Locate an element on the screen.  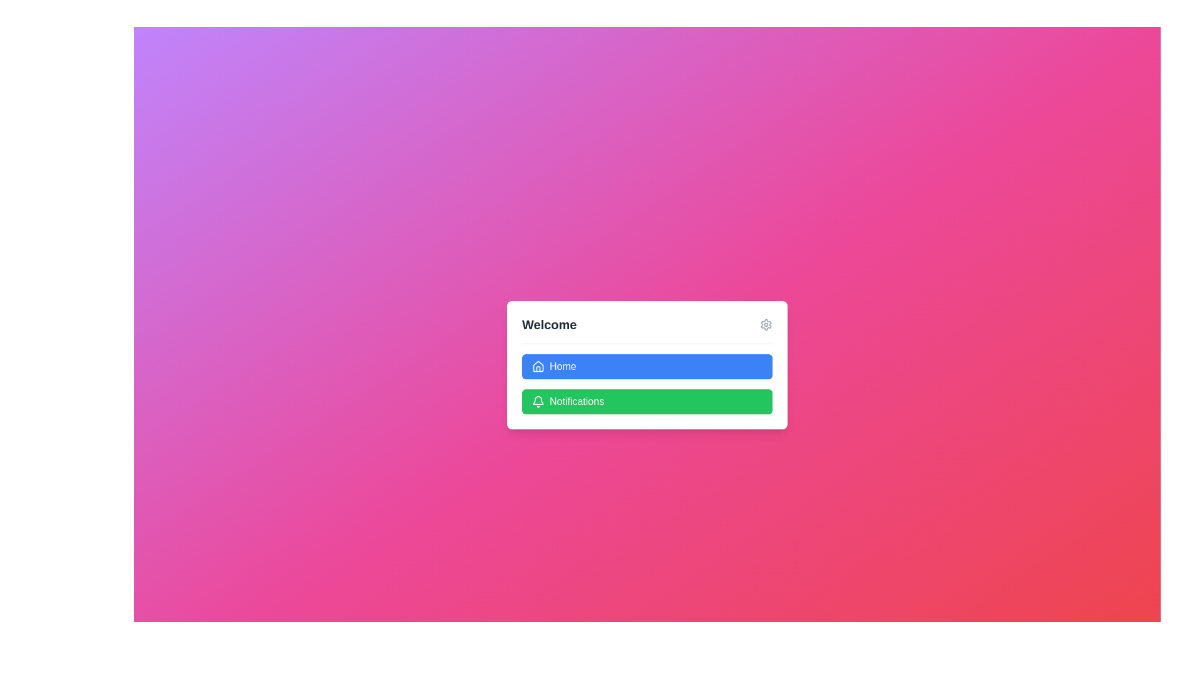
the 'Home' icon located within the rectangular button labeled 'Home', which is positioned to the left of the text 'Home' is located at coordinates (538, 366).